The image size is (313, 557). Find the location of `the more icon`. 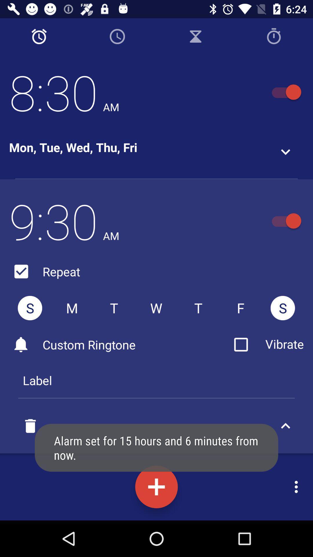

the more icon is located at coordinates (298, 487).